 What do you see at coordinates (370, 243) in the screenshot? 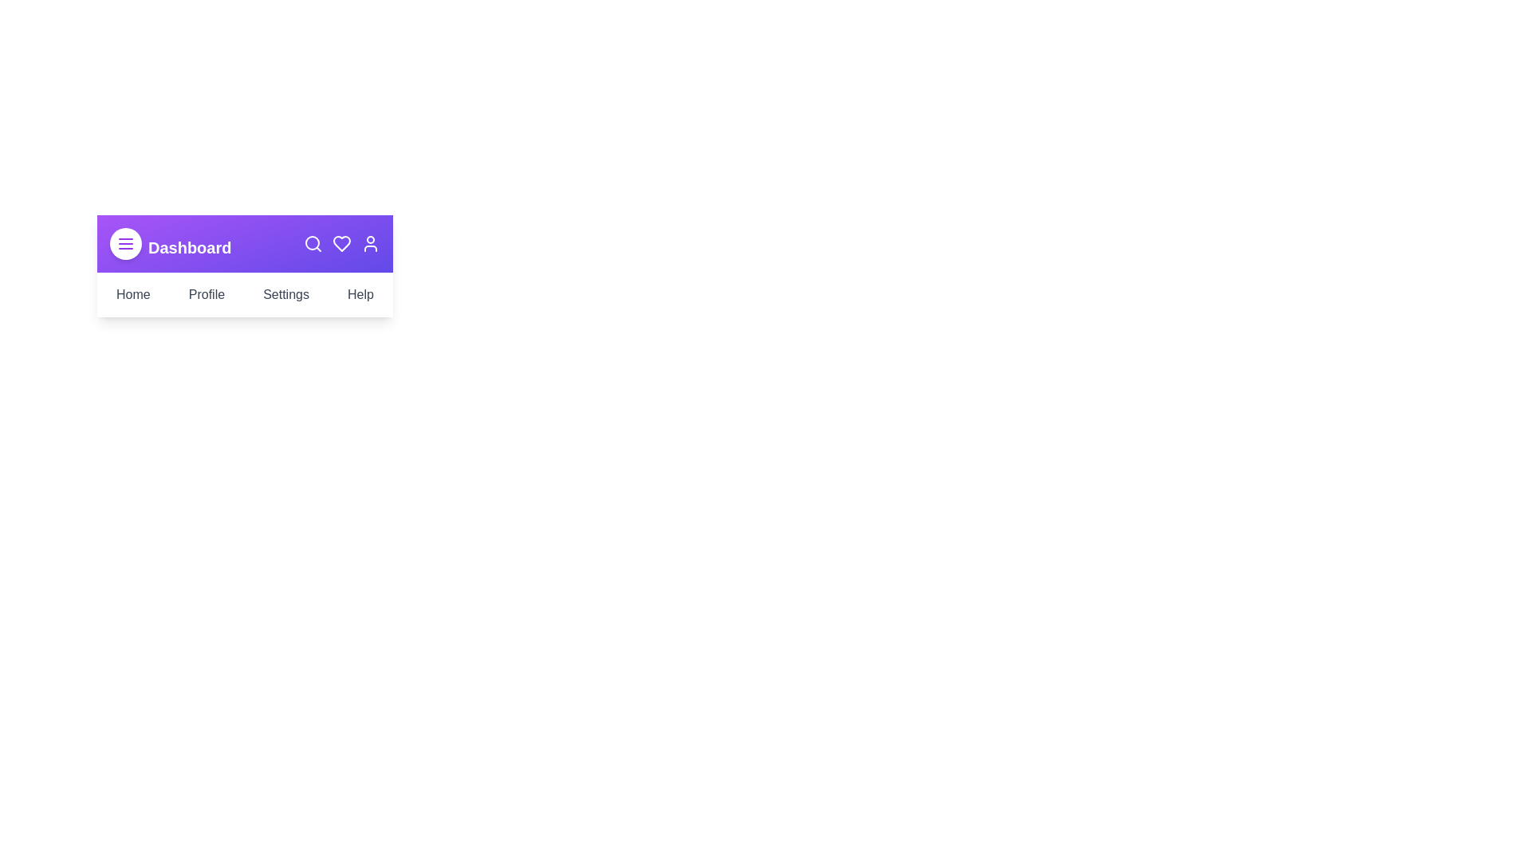
I see `the user icon to observe its hover effect` at bounding box center [370, 243].